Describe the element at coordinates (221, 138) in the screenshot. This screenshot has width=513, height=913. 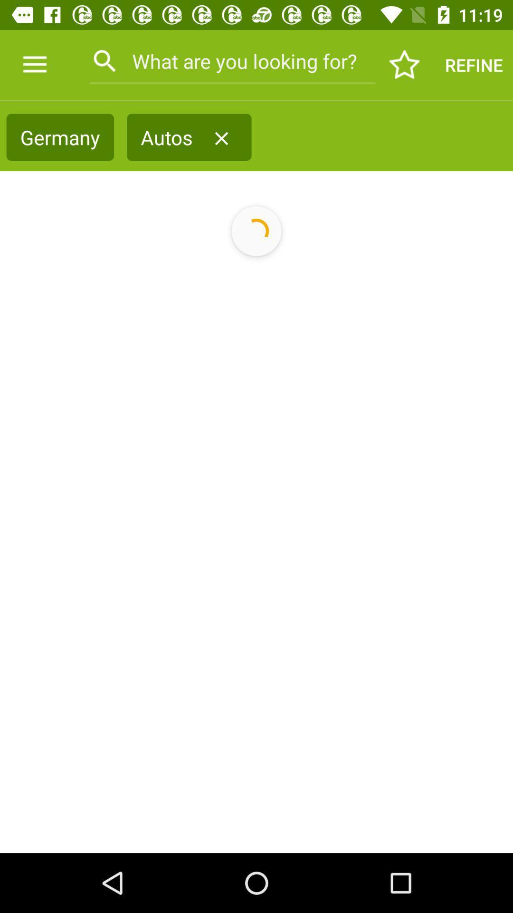
I see `icon to the right of the autos icon` at that location.